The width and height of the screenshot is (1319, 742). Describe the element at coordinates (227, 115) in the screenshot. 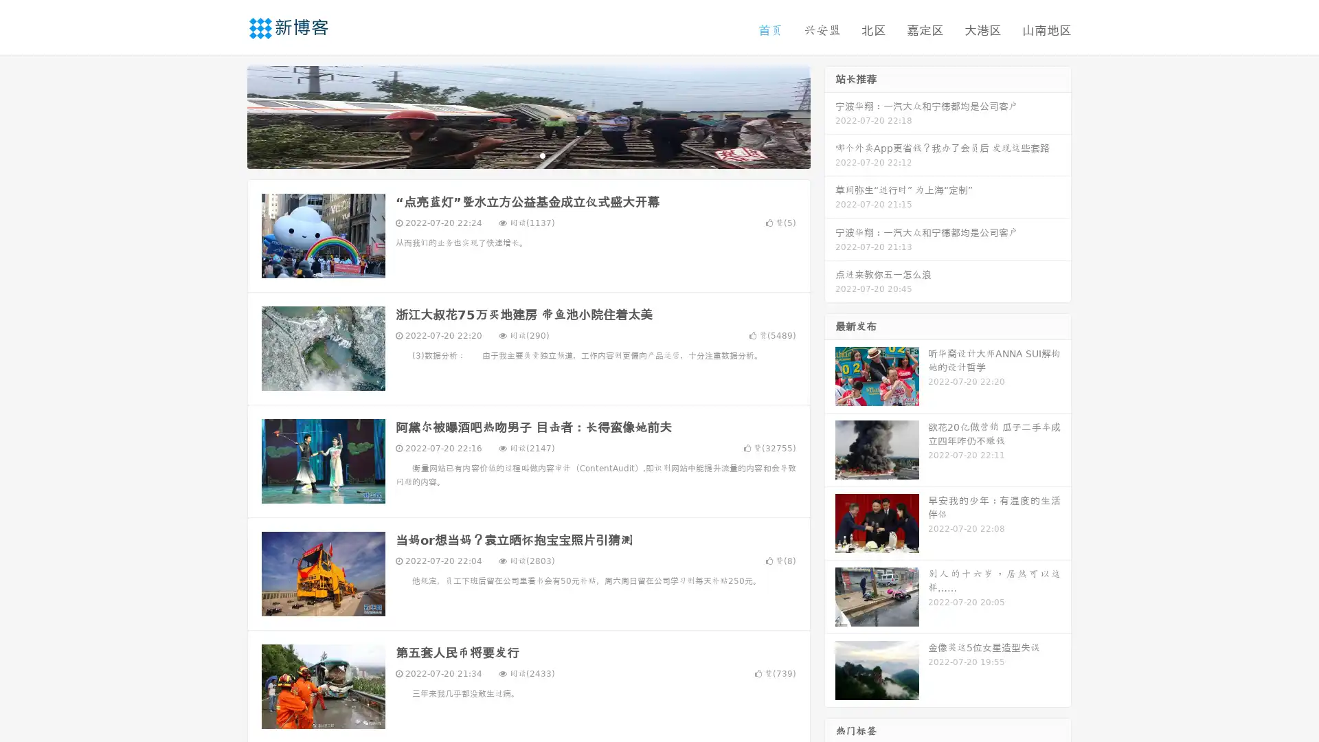

I see `Previous slide` at that location.